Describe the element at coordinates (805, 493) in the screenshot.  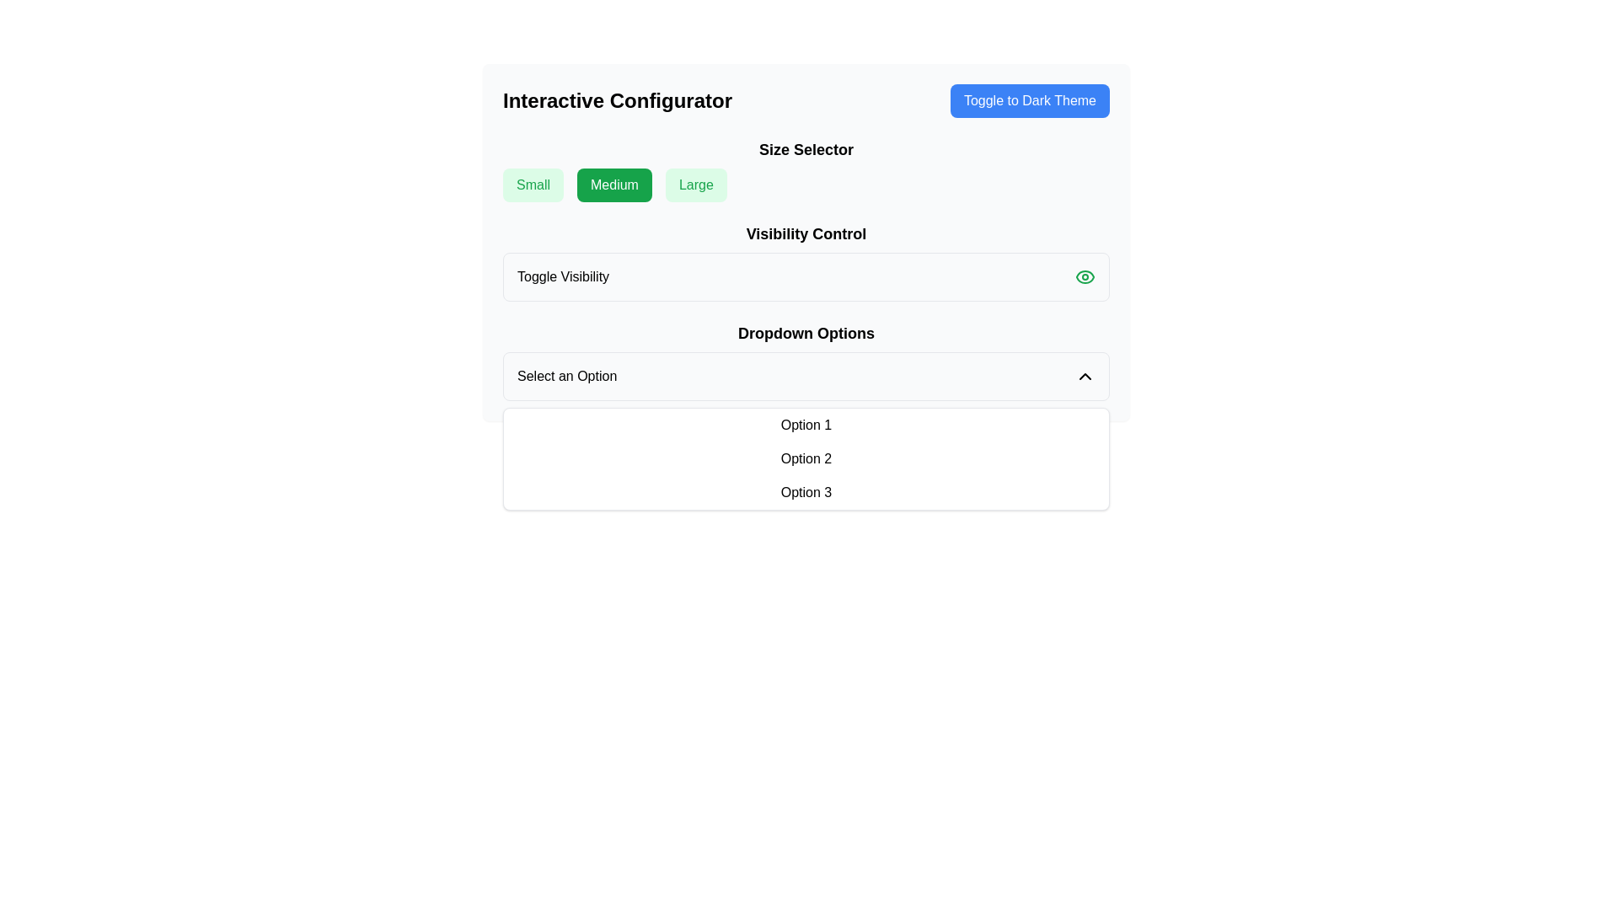
I see `the third item in the dropdown menu` at that location.